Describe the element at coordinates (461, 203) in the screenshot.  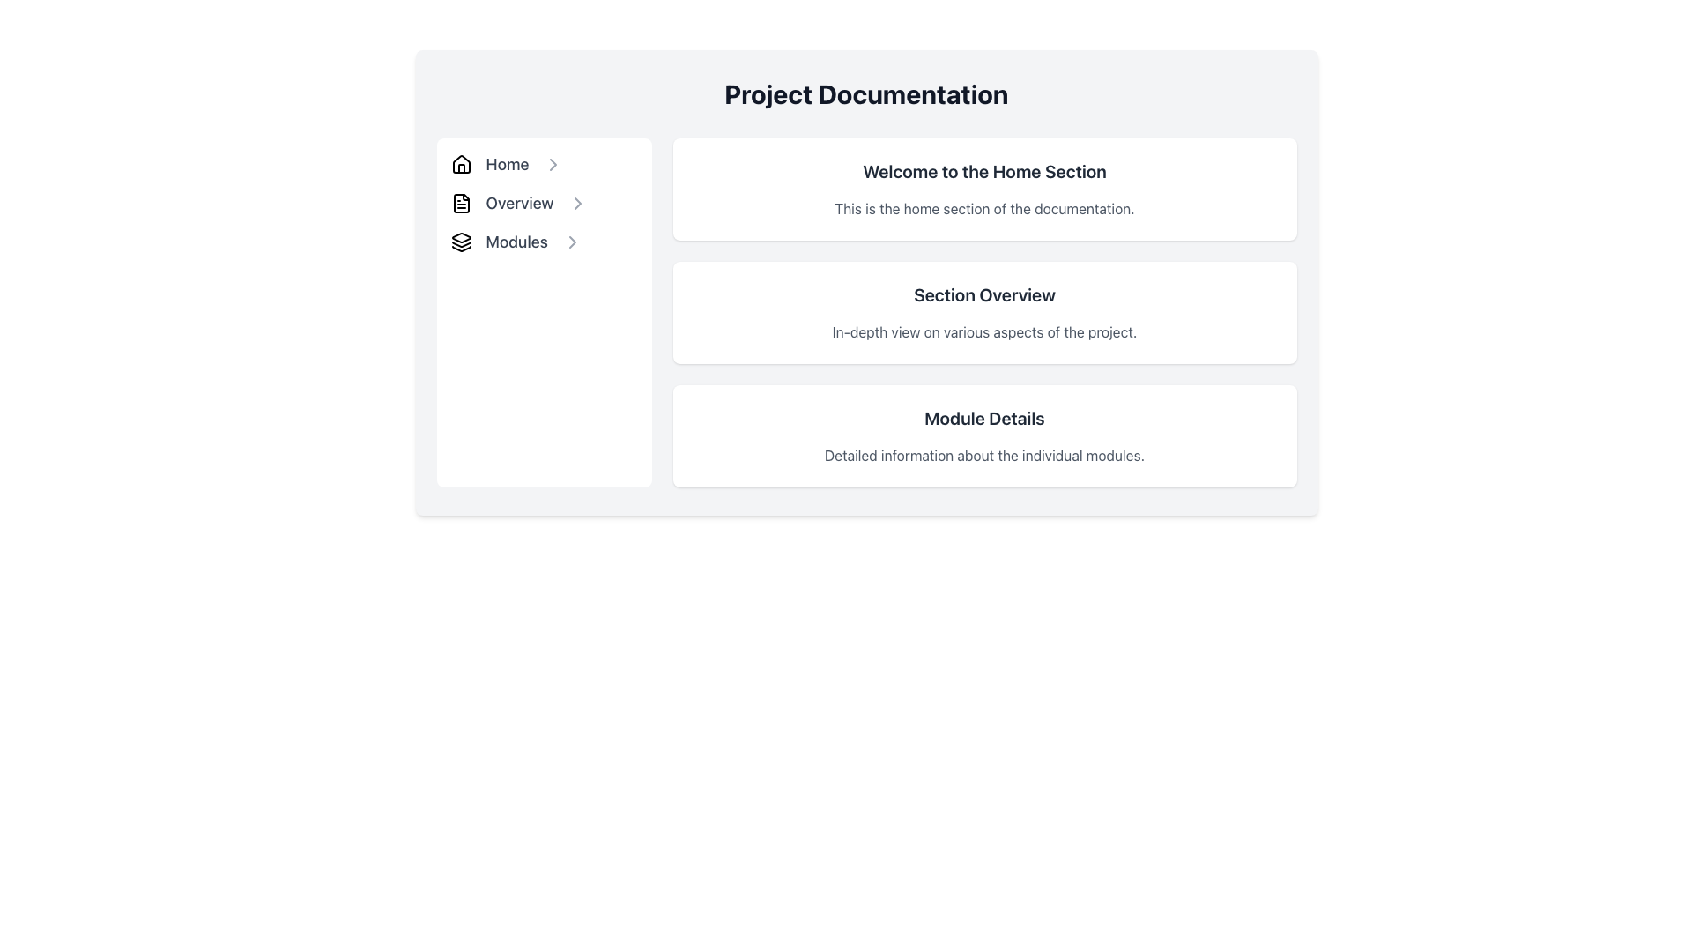
I see `the document icon located to the left of the 'Overview' text in the vertical navigation menu` at that location.